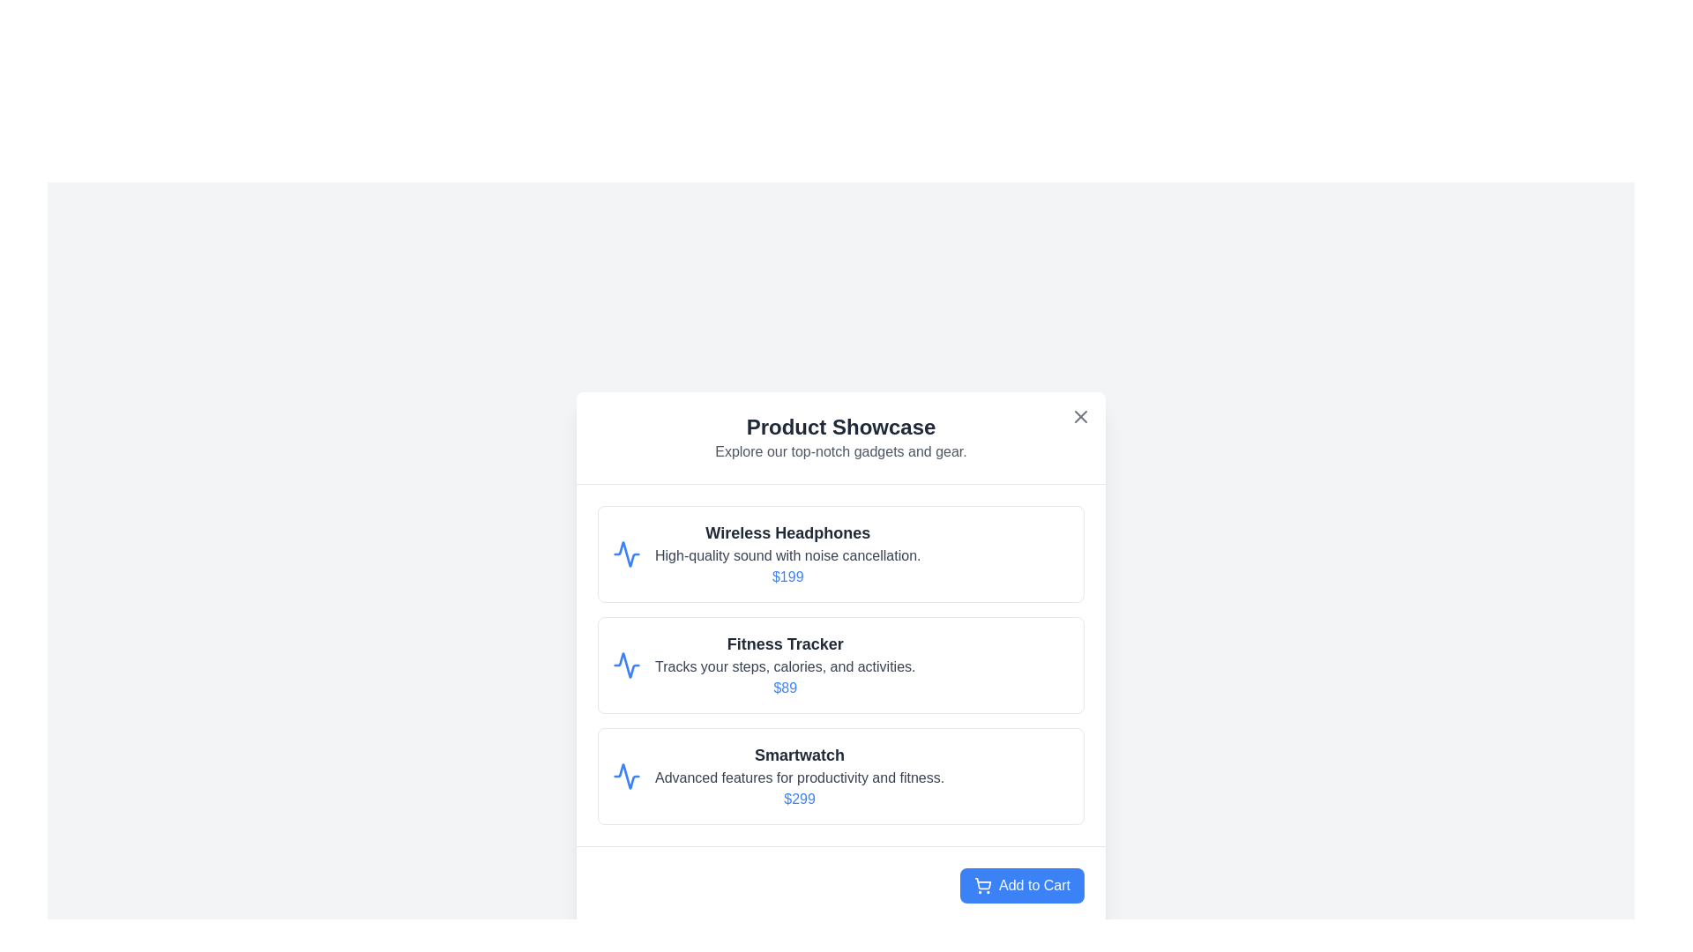 The height and width of the screenshot is (952, 1693). What do you see at coordinates (1079, 417) in the screenshot?
I see `the 'X' close button located in the top-right corner of the white rounded rectangular modal` at bounding box center [1079, 417].